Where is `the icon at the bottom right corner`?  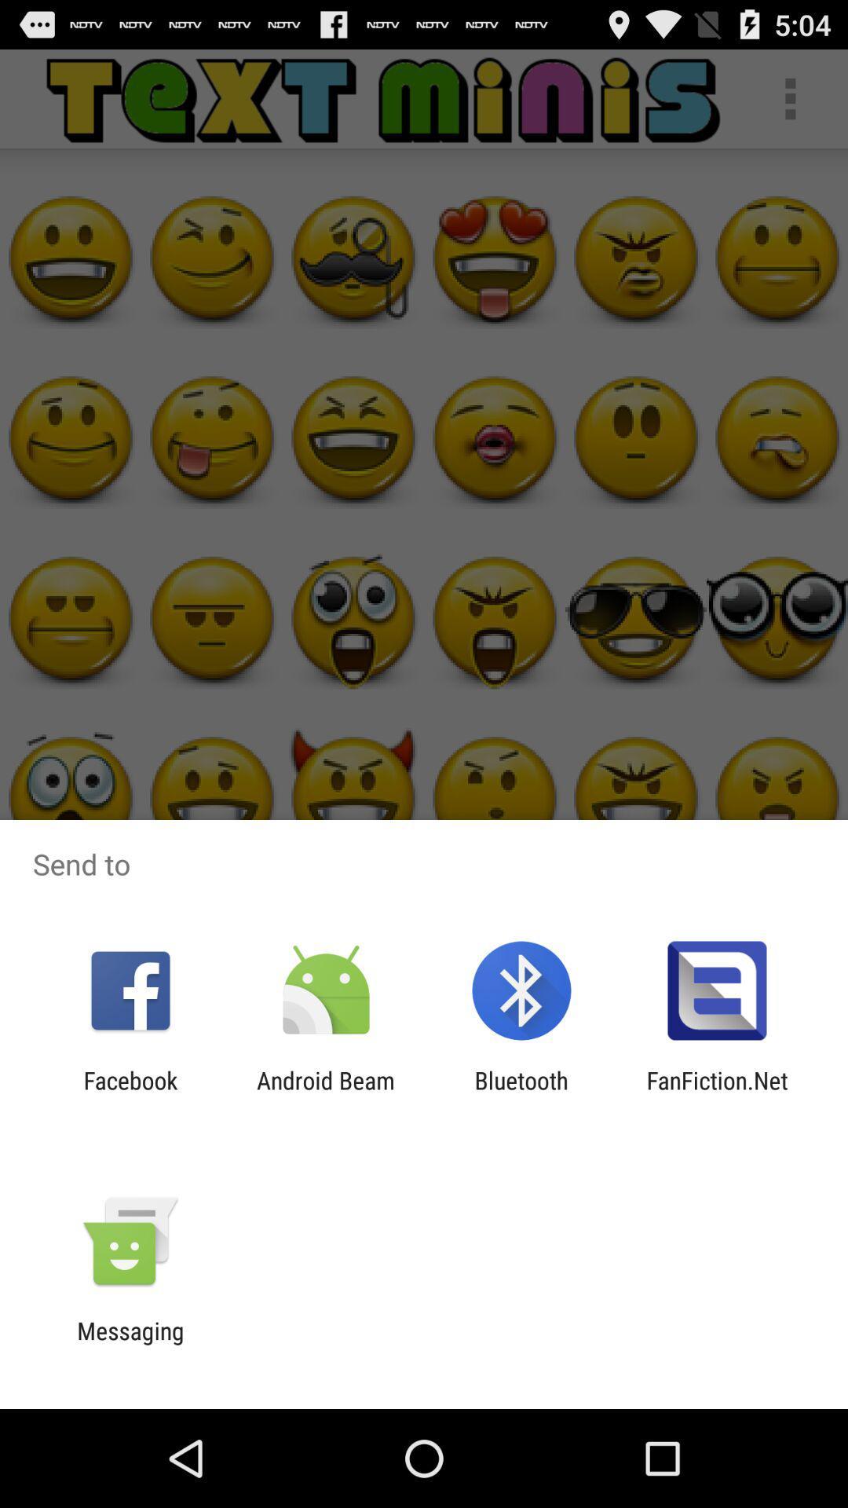
the icon at the bottom right corner is located at coordinates (717, 1093).